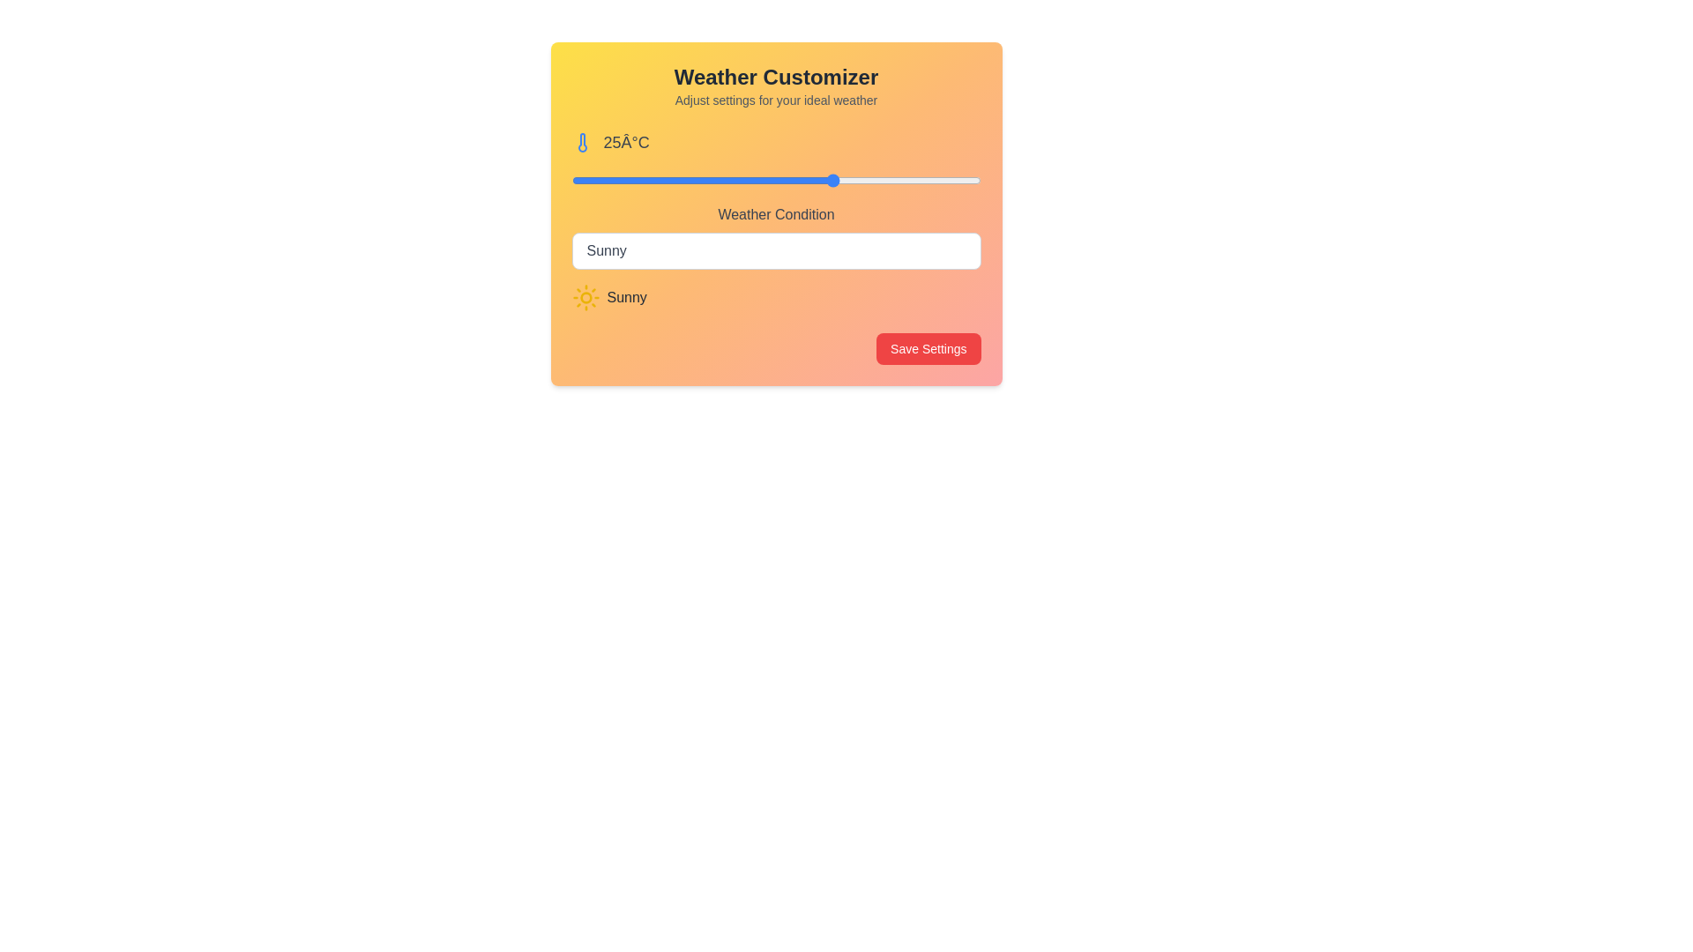 This screenshot has height=952, width=1693. I want to click on the weather condition Cloudy from the dropdown menu, so click(776, 251).